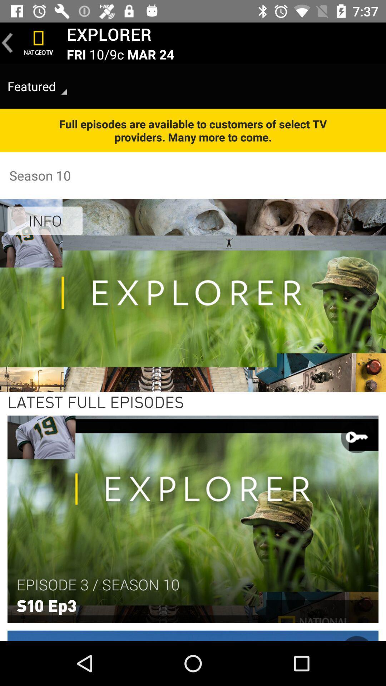 This screenshot has width=386, height=686. What do you see at coordinates (45, 220) in the screenshot?
I see `item above latest full episodes item` at bounding box center [45, 220].